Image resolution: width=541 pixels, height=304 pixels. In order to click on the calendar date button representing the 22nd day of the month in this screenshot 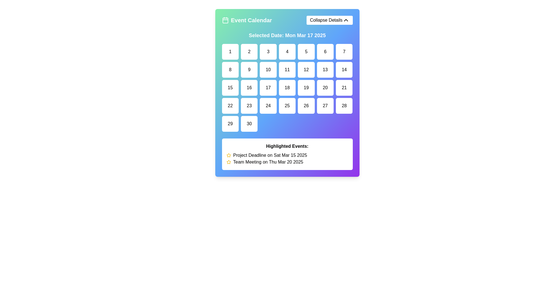, I will do `click(230, 106)`.